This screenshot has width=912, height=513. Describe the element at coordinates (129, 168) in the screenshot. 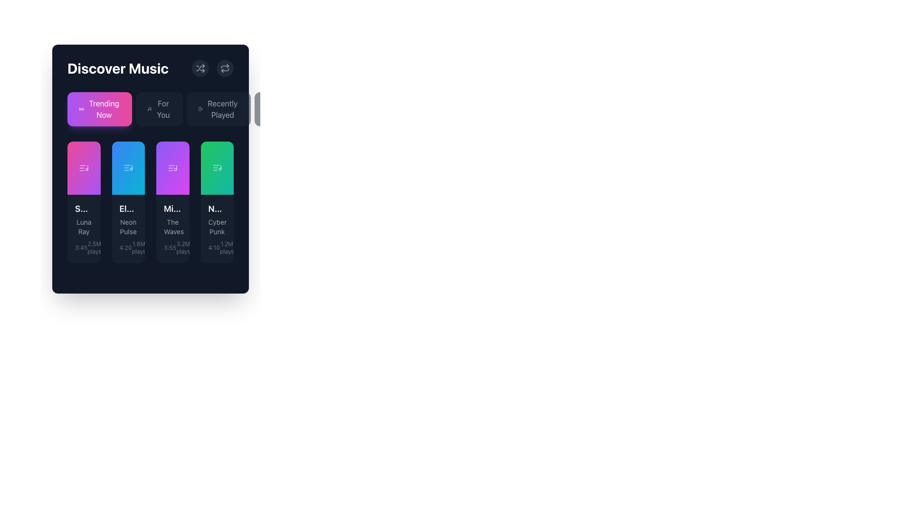

I see `the 'play' icon located in the center of the second card in the 'Discover Music' section` at that location.